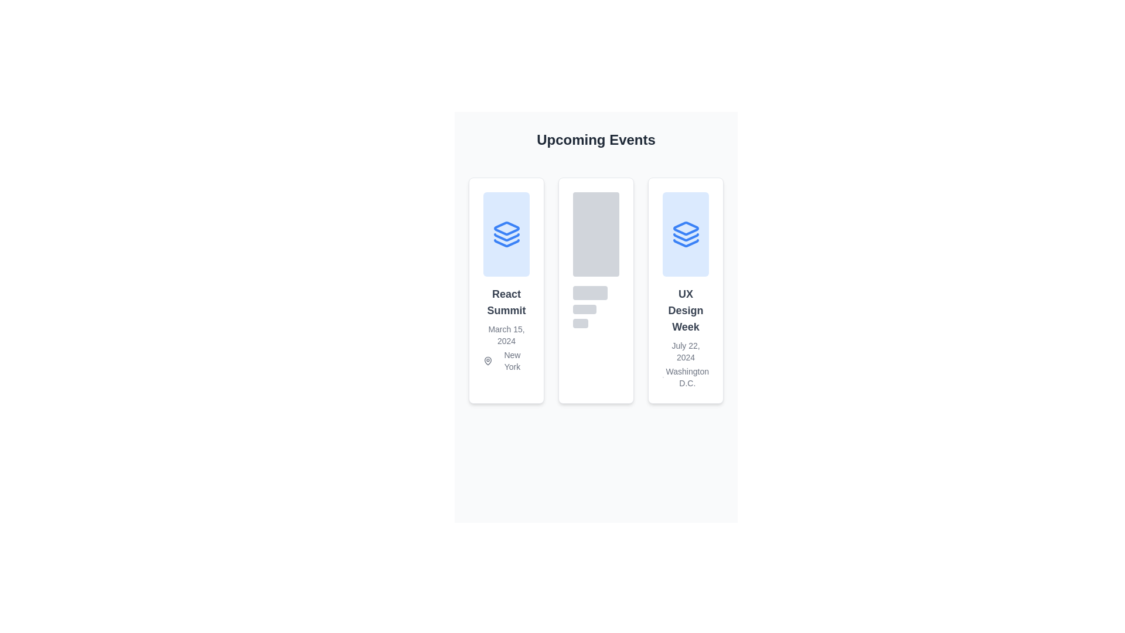  Describe the element at coordinates (506, 335) in the screenshot. I see `text displaying the date of the React Summit event, which is positioned below the title 'React Summit' and above the location text 'New York', making it the second textual element in its group` at that location.